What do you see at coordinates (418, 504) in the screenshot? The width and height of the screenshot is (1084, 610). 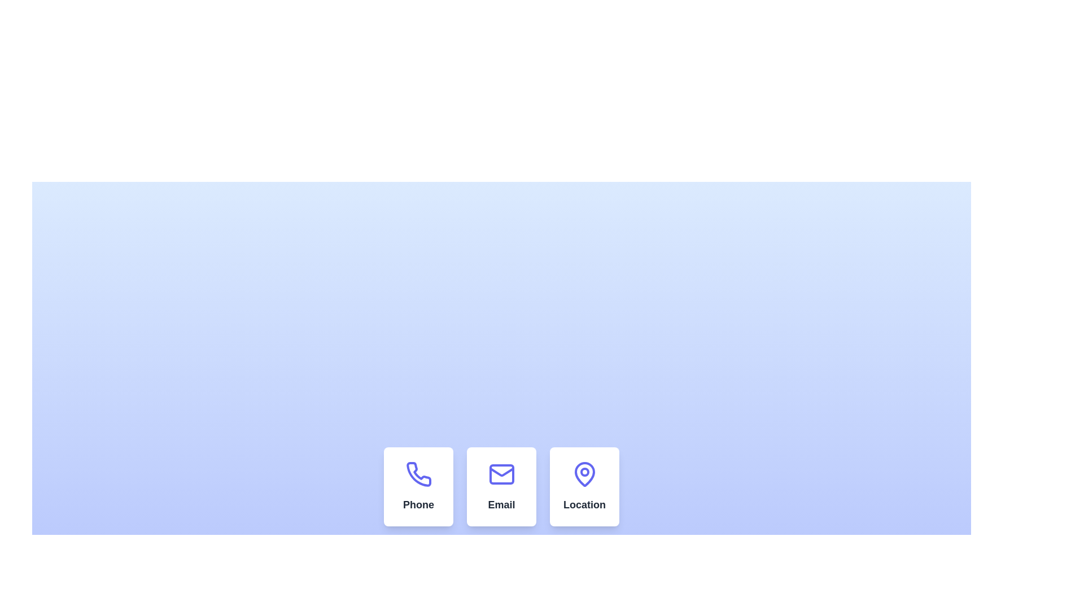 I see `the text label displaying 'Phone' in bold dark gray to trigger tooltip or styling effect` at bounding box center [418, 504].